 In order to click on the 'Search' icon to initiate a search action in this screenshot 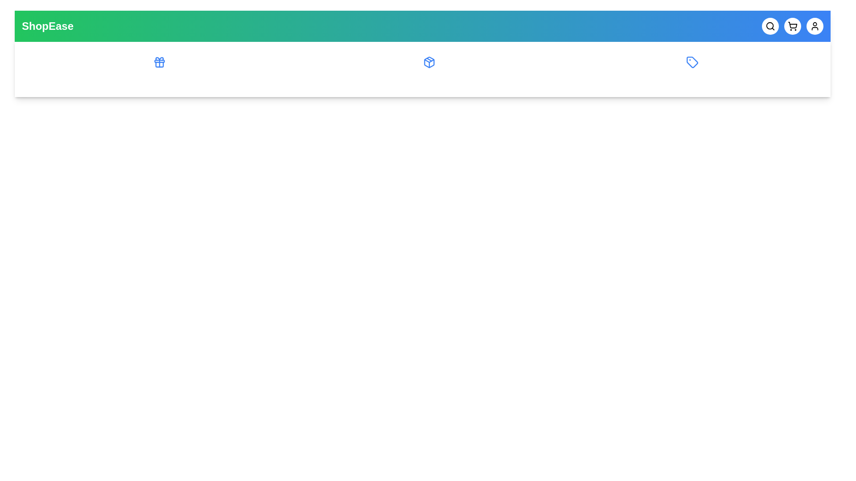, I will do `click(770, 25)`.